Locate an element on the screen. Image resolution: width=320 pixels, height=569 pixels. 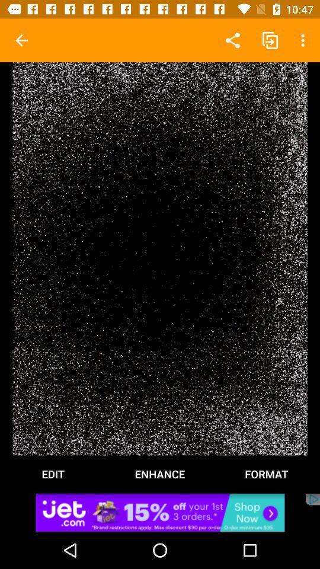
adjust image is located at coordinates (160, 258).